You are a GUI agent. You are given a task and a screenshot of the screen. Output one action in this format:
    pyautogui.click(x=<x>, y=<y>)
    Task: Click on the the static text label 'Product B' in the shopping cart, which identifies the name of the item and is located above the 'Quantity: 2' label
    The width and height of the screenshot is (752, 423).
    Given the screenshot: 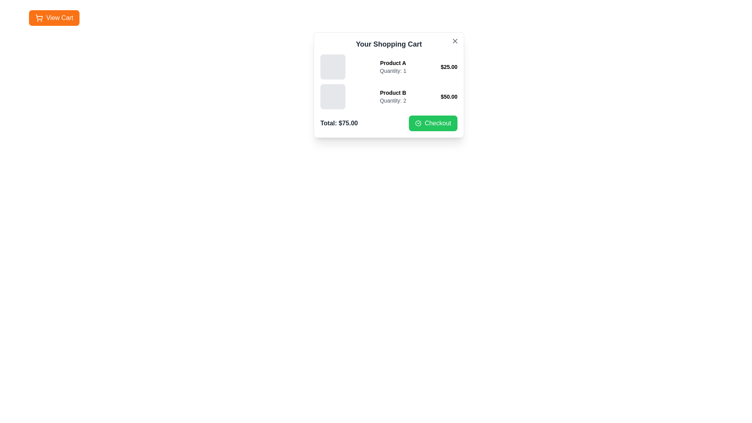 What is the action you would take?
    pyautogui.click(x=393, y=92)
    